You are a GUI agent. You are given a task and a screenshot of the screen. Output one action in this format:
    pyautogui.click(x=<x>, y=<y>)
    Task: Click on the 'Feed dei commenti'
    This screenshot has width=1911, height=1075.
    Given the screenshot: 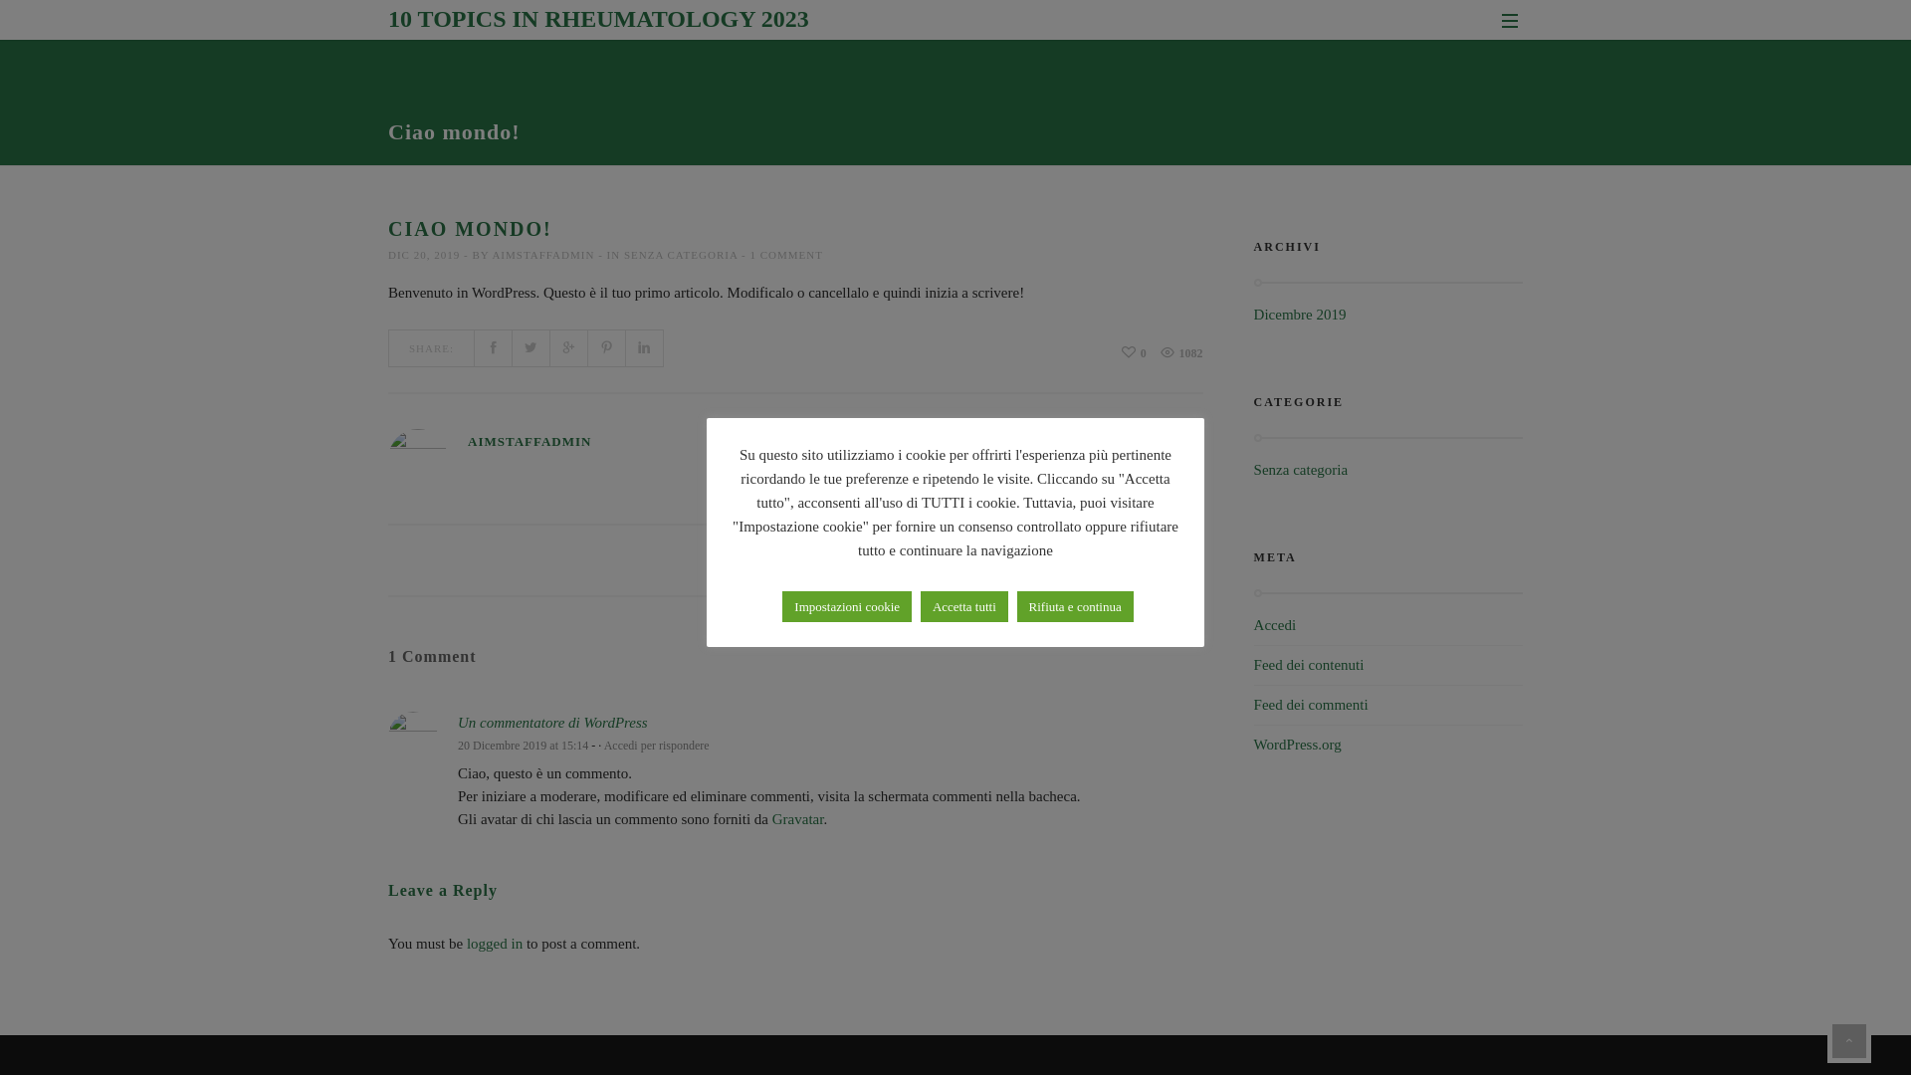 What is the action you would take?
    pyautogui.click(x=1252, y=704)
    